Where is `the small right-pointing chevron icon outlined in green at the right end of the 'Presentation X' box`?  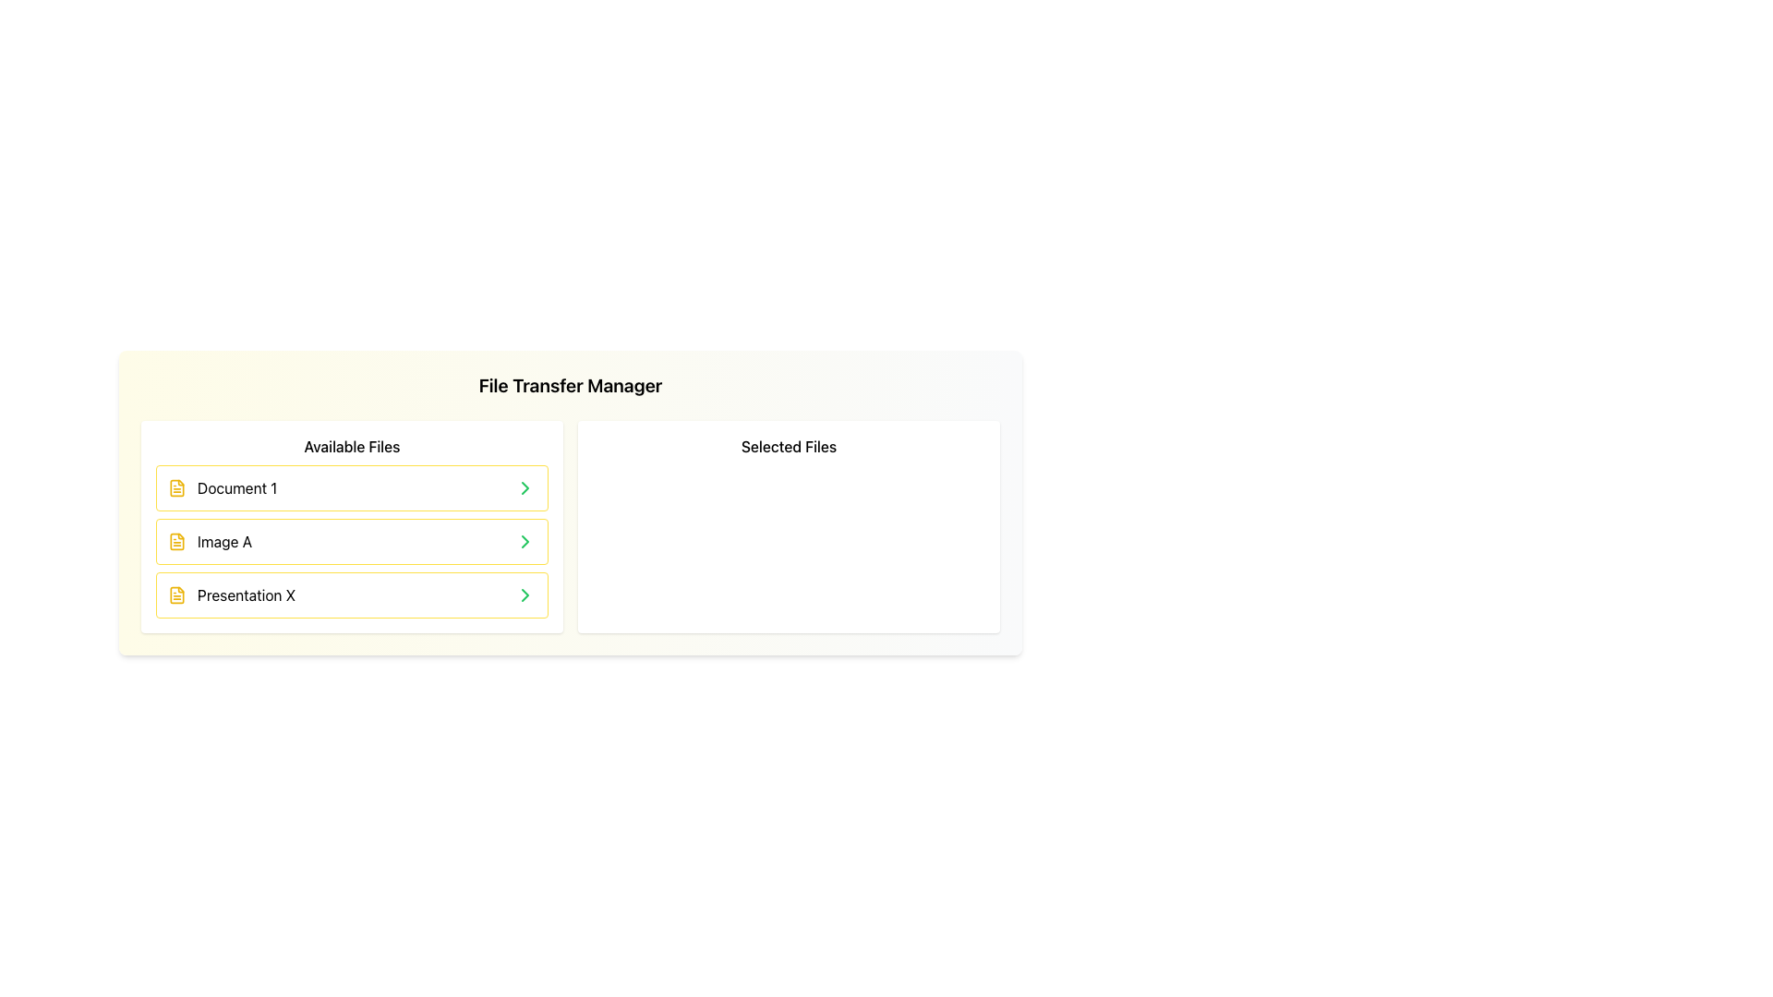 the small right-pointing chevron icon outlined in green at the right end of the 'Presentation X' box is located at coordinates (525, 595).